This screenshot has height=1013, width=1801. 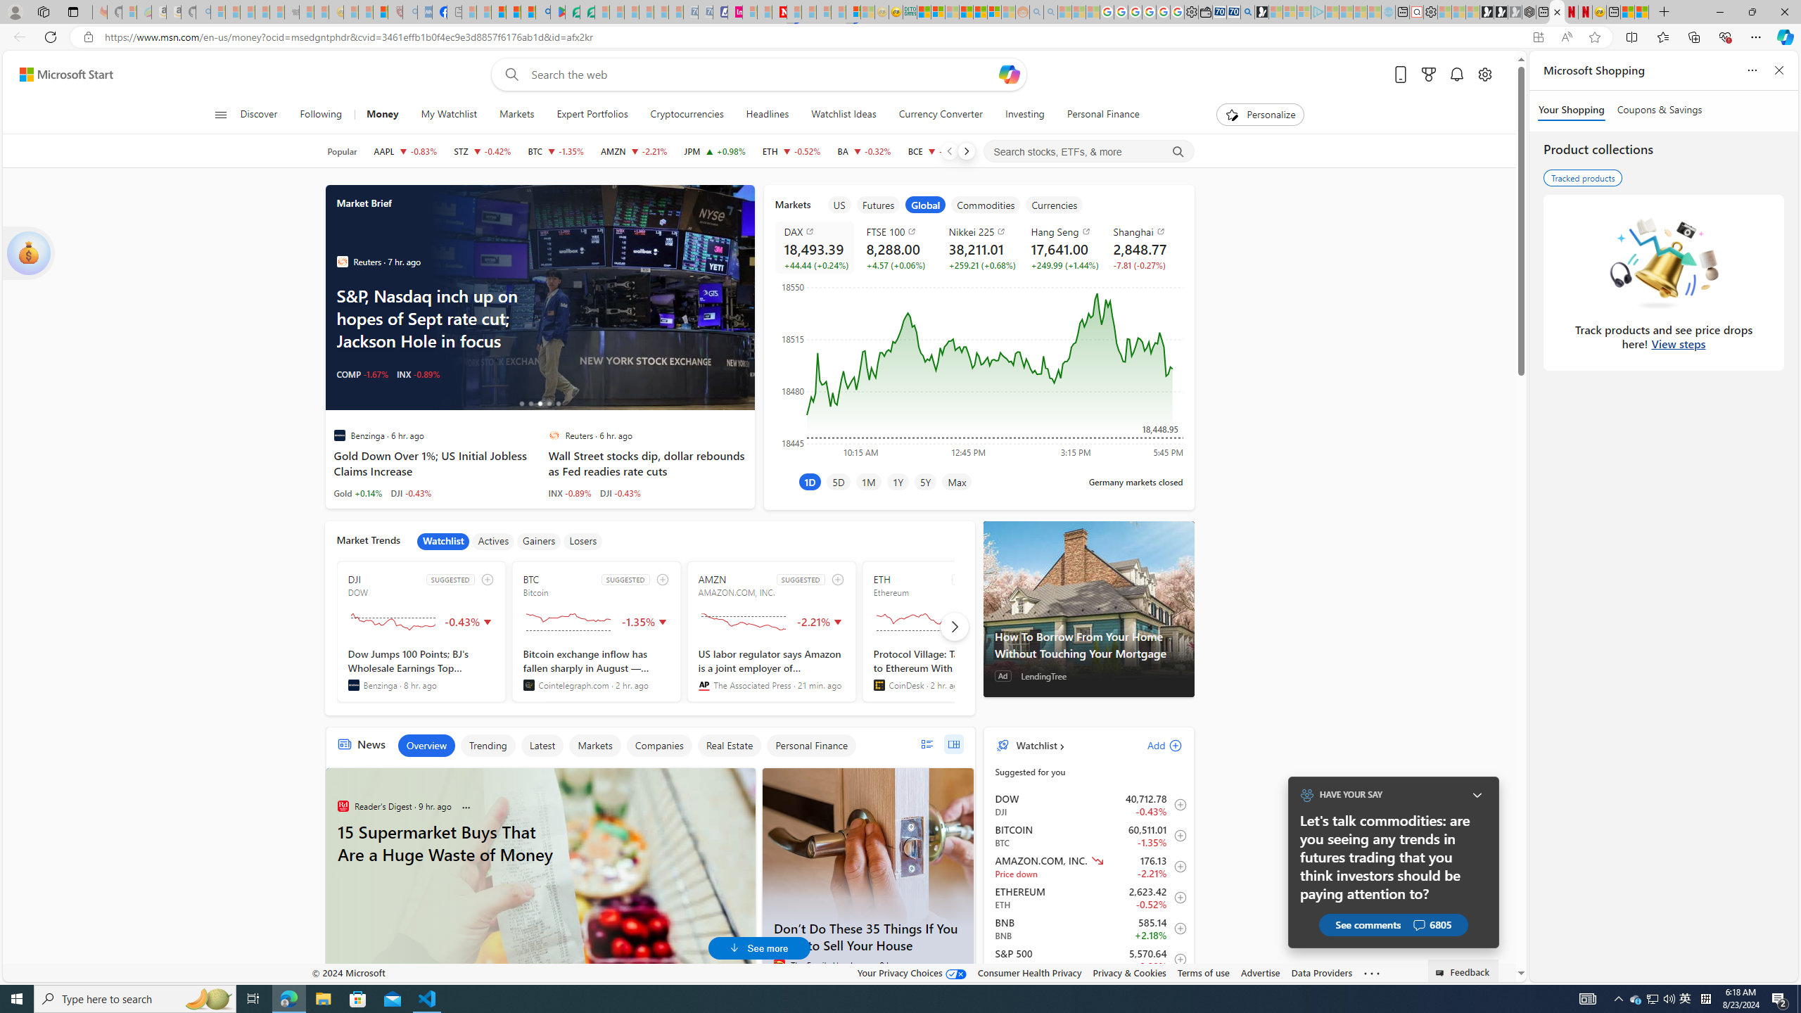 What do you see at coordinates (867, 480) in the screenshot?
I see `'1M'` at bounding box center [867, 480].